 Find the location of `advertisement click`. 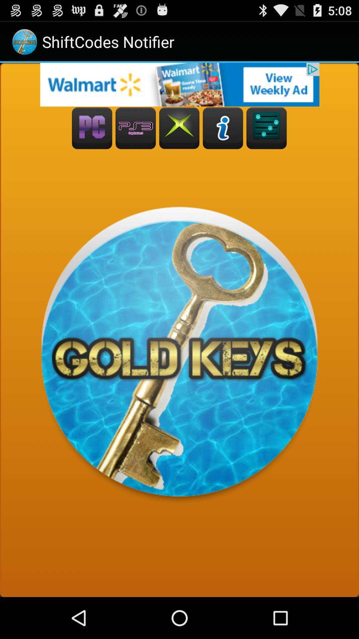

advertisement click is located at coordinates (179, 84).